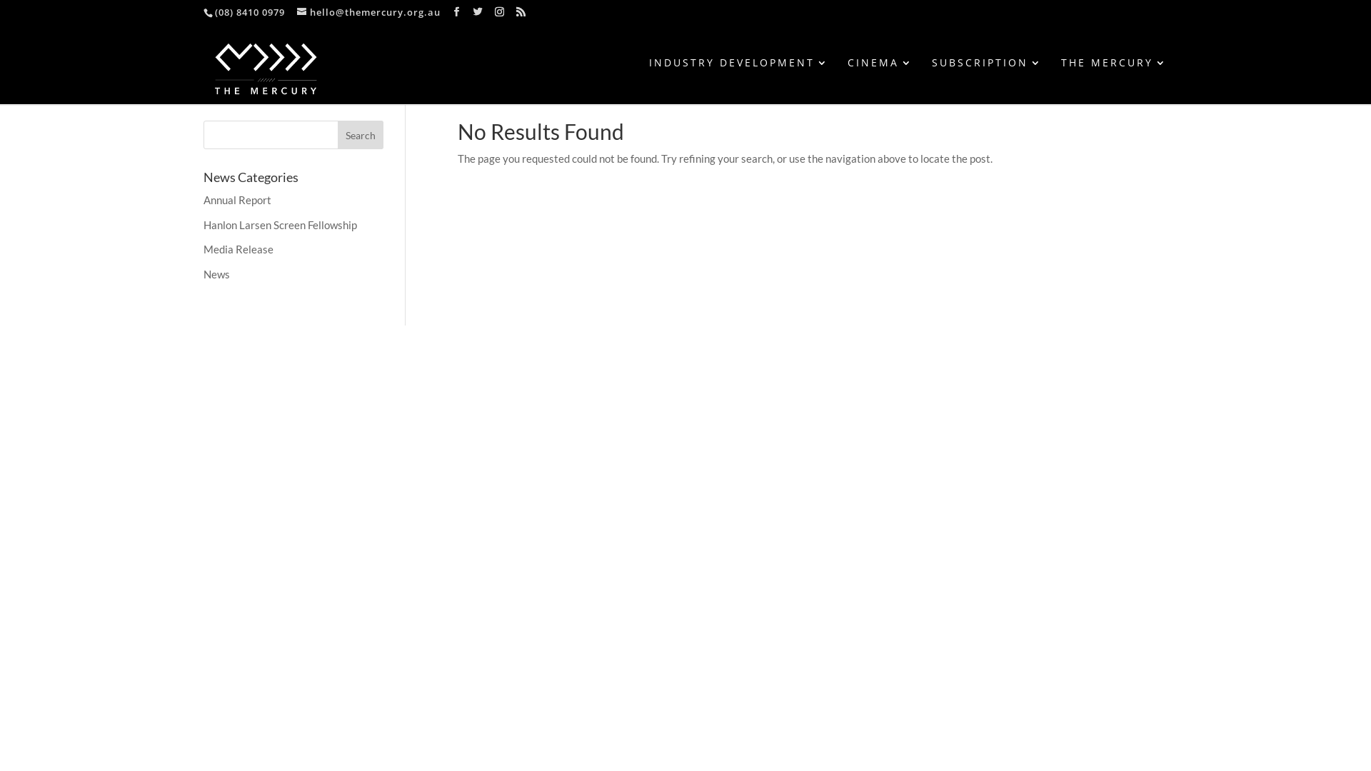 The width and height of the screenshot is (1371, 771). I want to click on 'Search', so click(360, 135).